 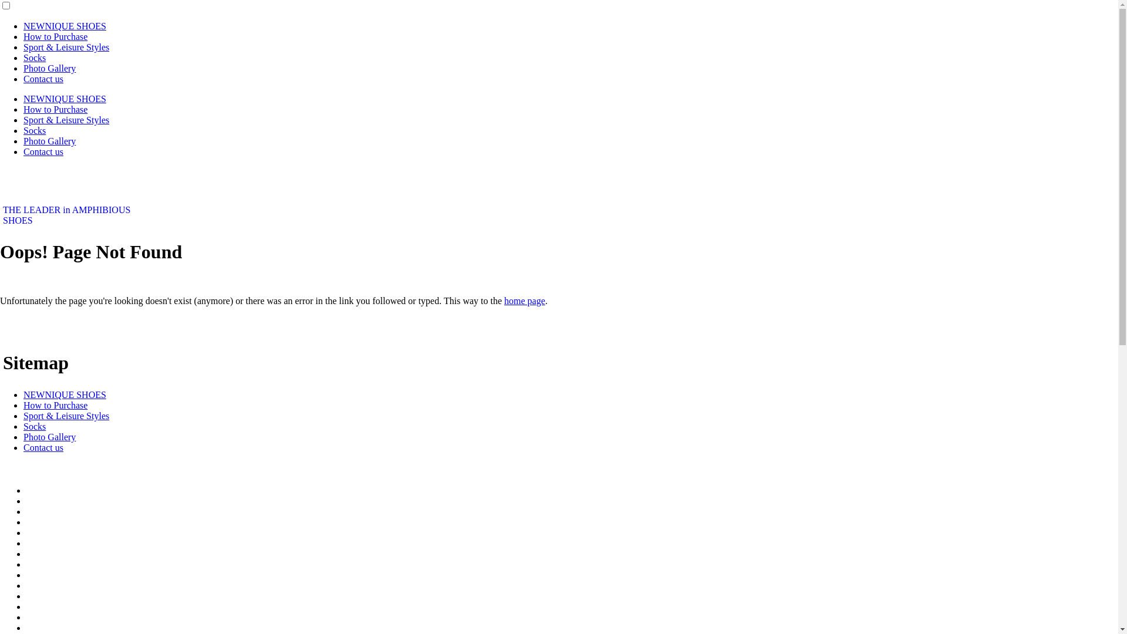 What do you see at coordinates (504, 300) in the screenshot?
I see `'home page'` at bounding box center [504, 300].